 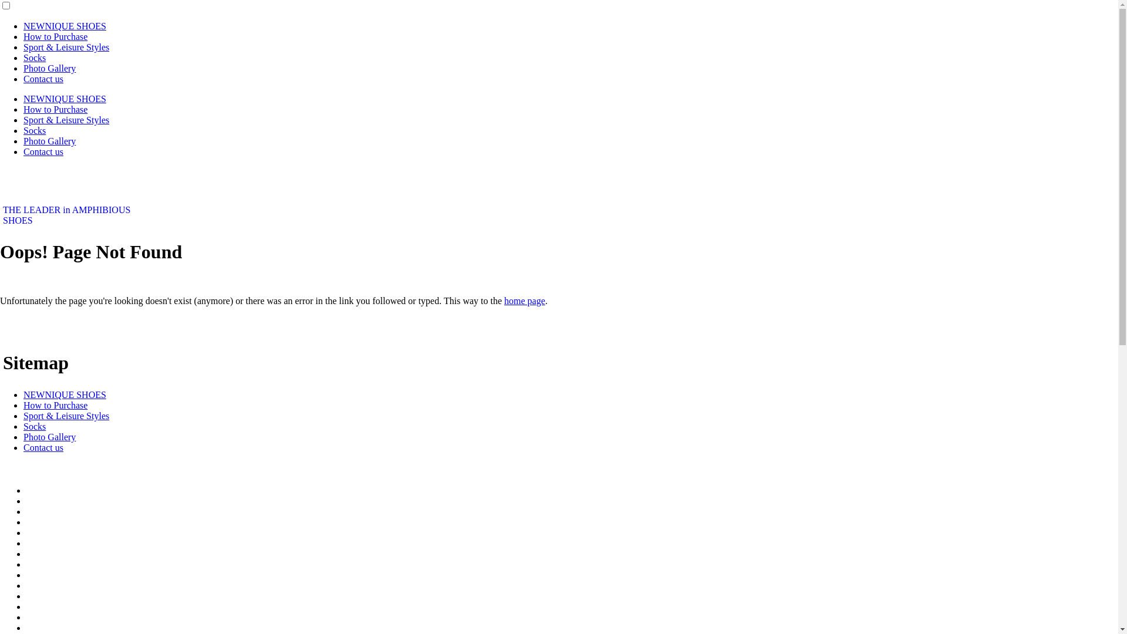 What do you see at coordinates (504, 300) in the screenshot?
I see `'home page'` at bounding box center [504, 300].